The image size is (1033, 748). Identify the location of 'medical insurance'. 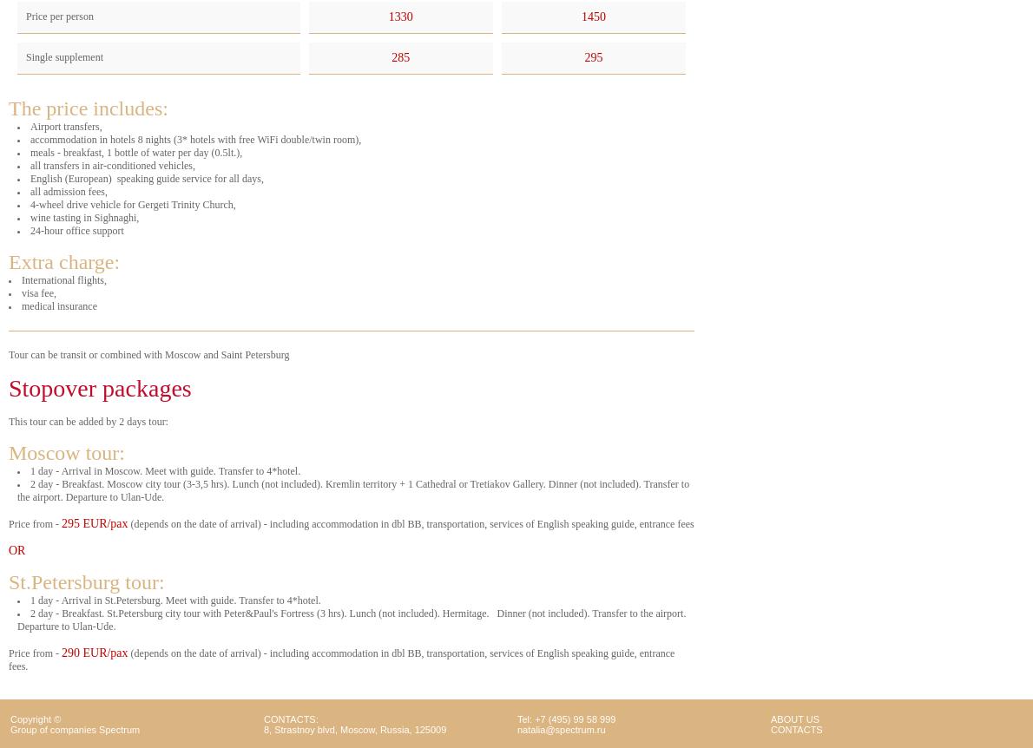
(58, 305).